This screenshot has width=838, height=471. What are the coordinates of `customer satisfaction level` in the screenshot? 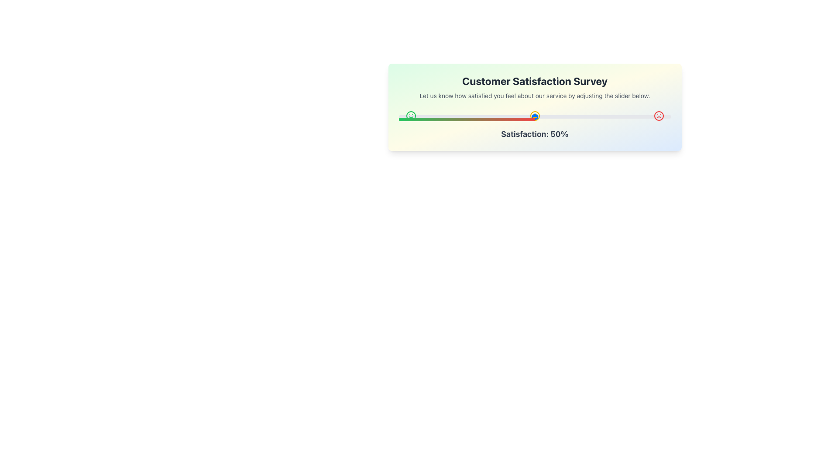 It's located at (526, 116).